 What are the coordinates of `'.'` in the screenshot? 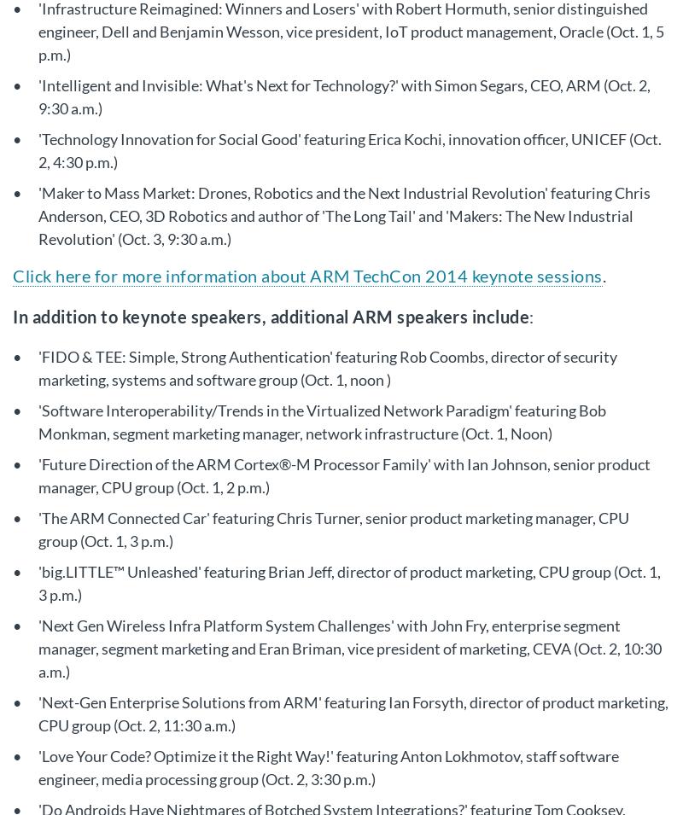 It's located at (603, 274).